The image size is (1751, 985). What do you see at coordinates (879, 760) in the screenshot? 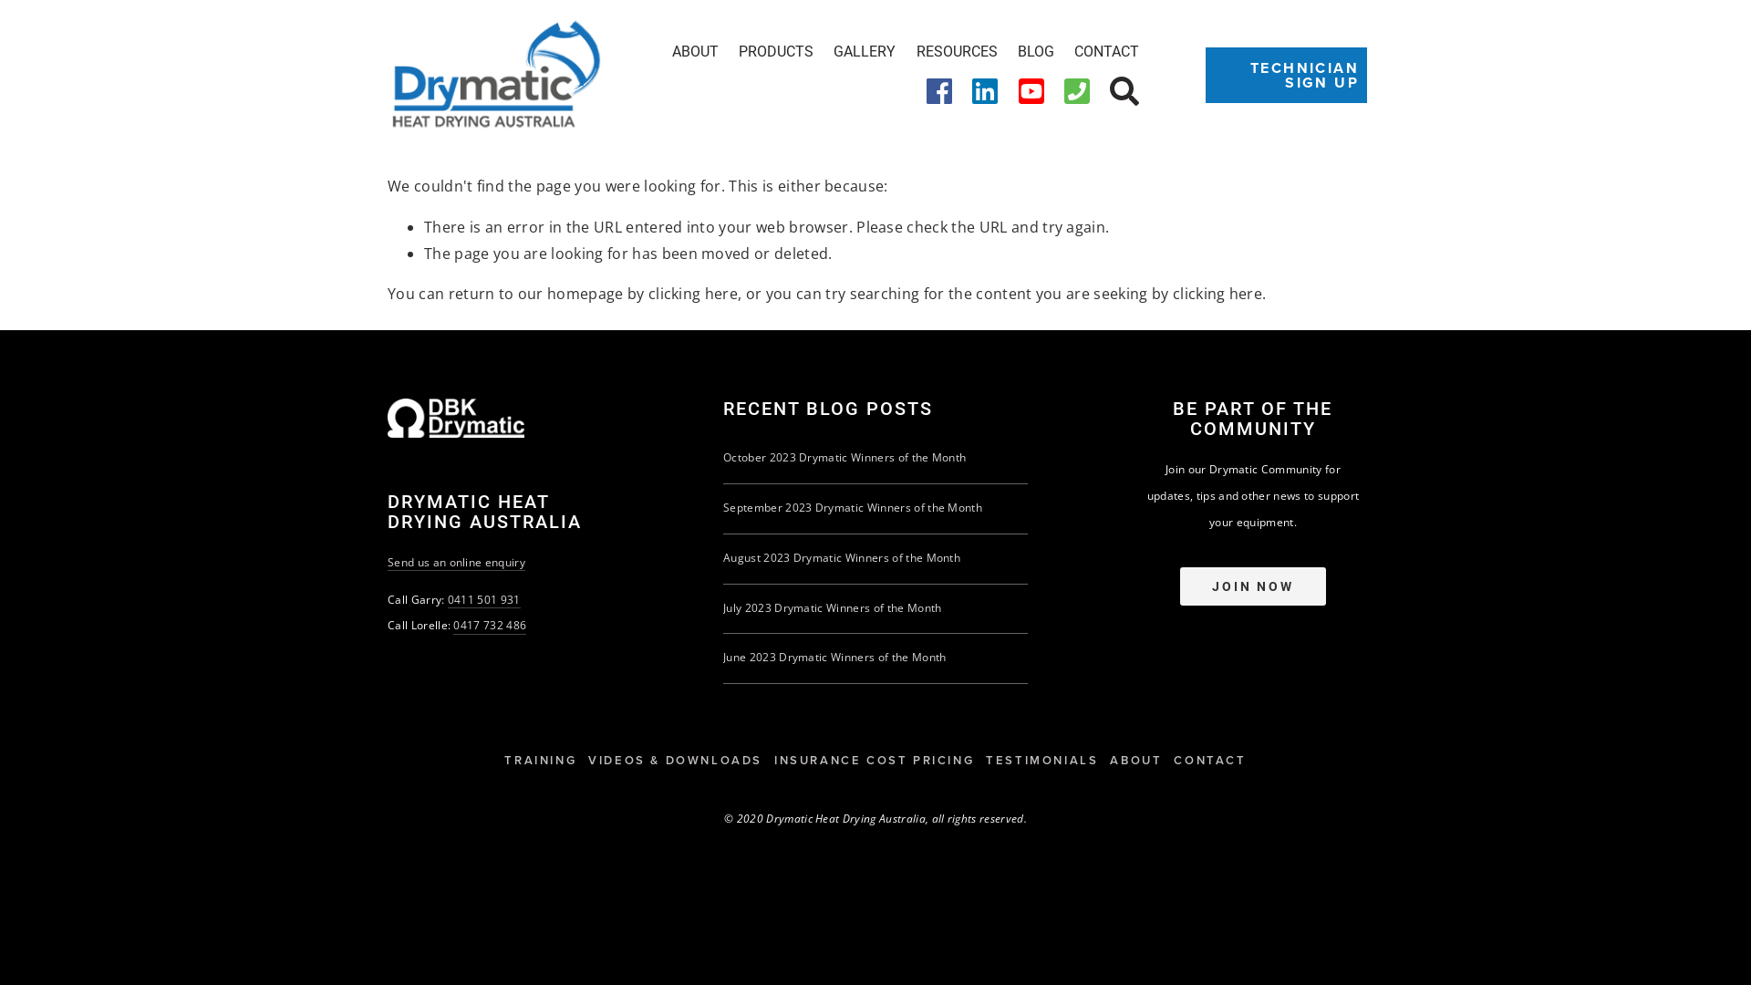
I see `'INSURANCE COST PRICING'` at bounding box center [879, 760].